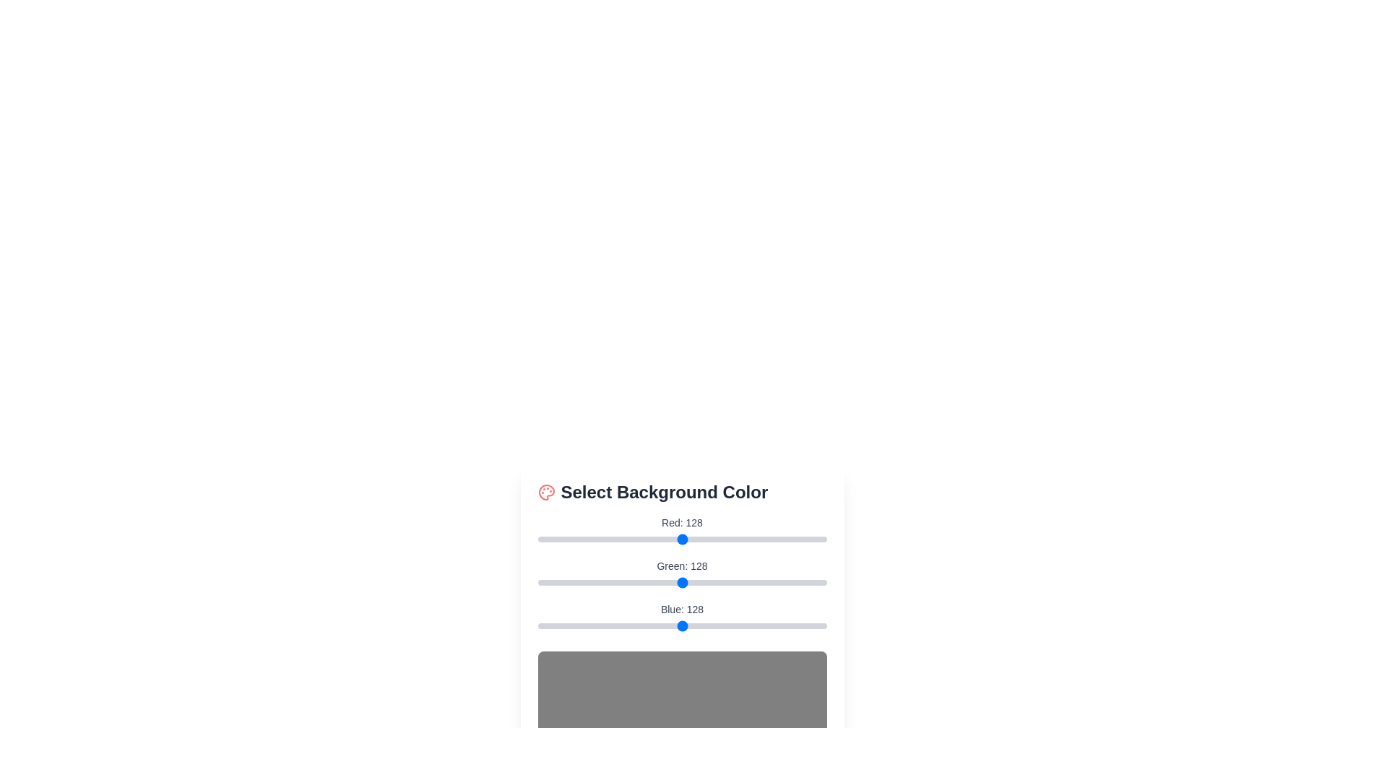  Describe the element at coordinates (756, 581) in the screenshot. I see `the green color slider to set the green component to 194` at that location.